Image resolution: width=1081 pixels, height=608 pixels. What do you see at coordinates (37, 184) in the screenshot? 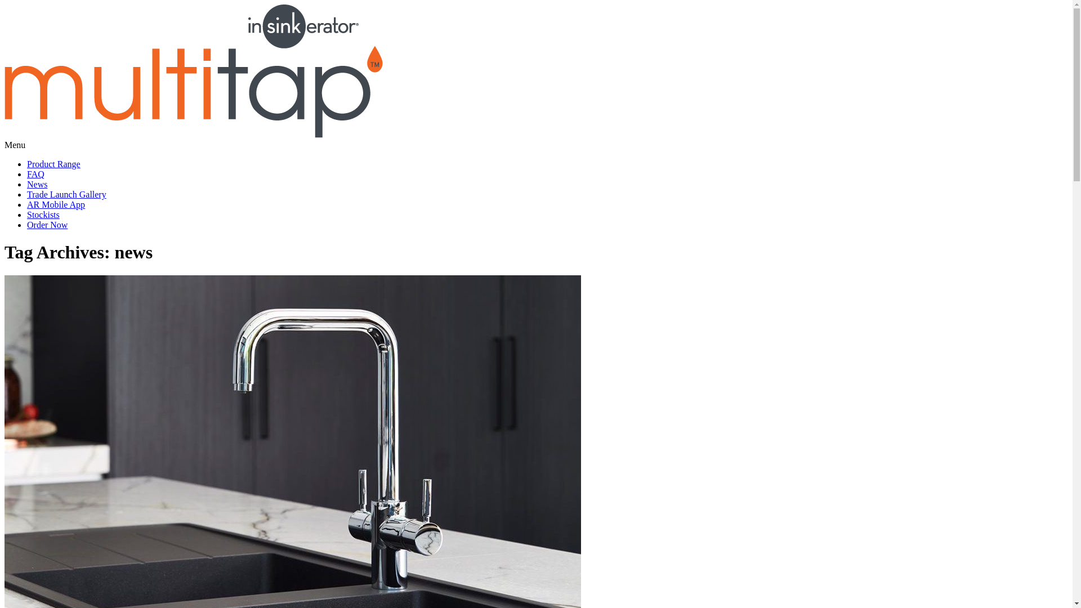
I see `'News'` at bounding box center [37, 184].